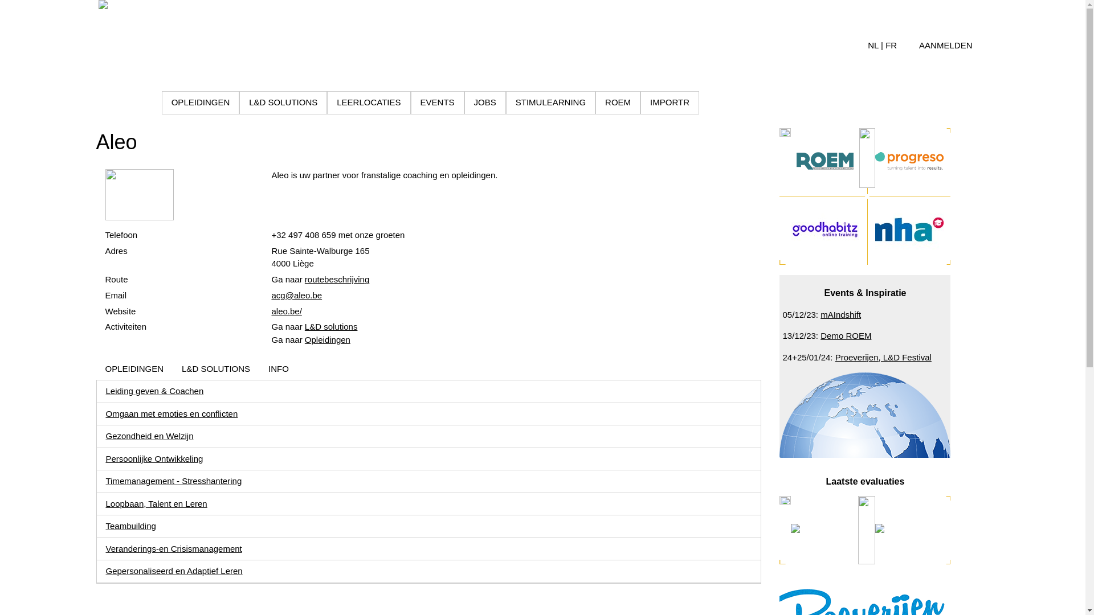 This screenshot has width=1094, height=615. Describe the element at coordinates (945, 45) in the screenshot. I see `'AANMELDEN'` at that location.